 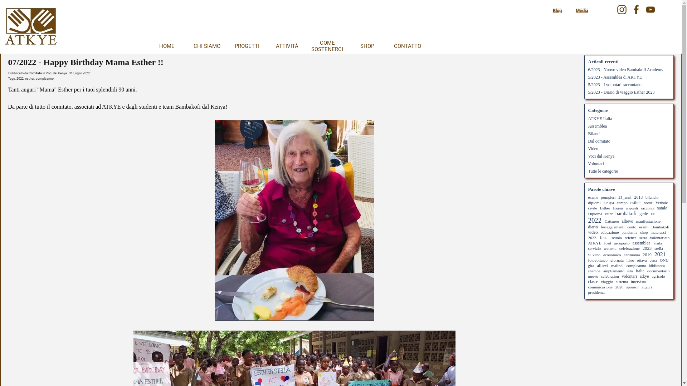 What do you see at coordinates (627, 271) in the screenshot?
I see `'sito'` at bounding box center [627, 271].